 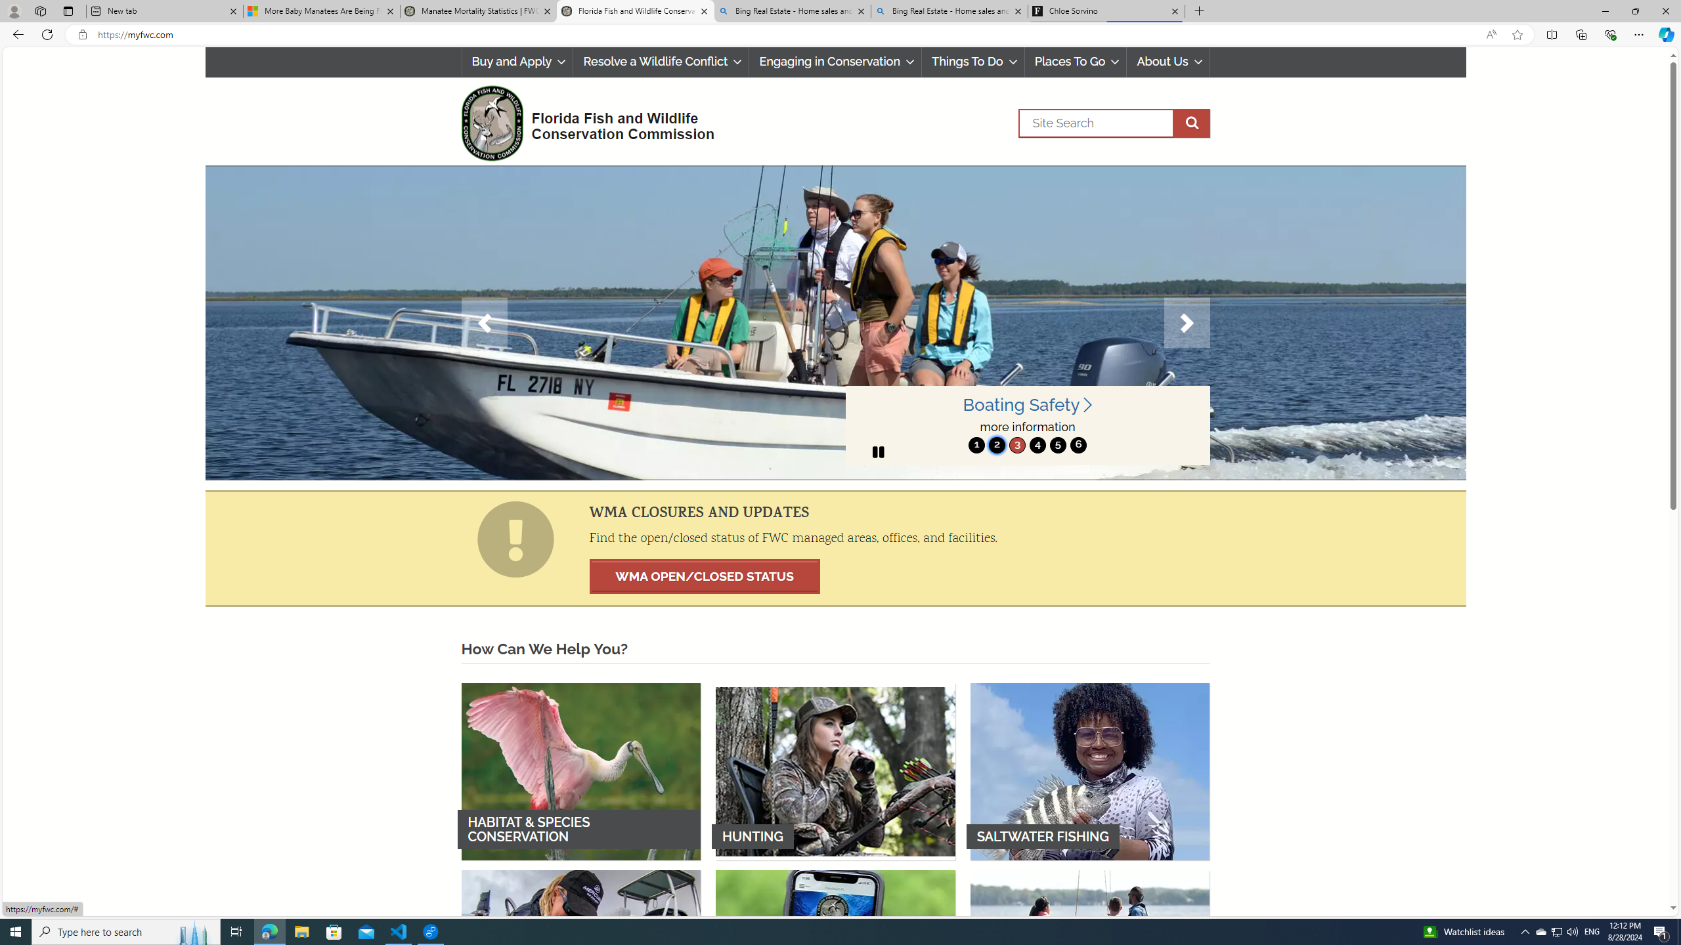 I want to click on 'Close tab', so click(x=1175, y=10).